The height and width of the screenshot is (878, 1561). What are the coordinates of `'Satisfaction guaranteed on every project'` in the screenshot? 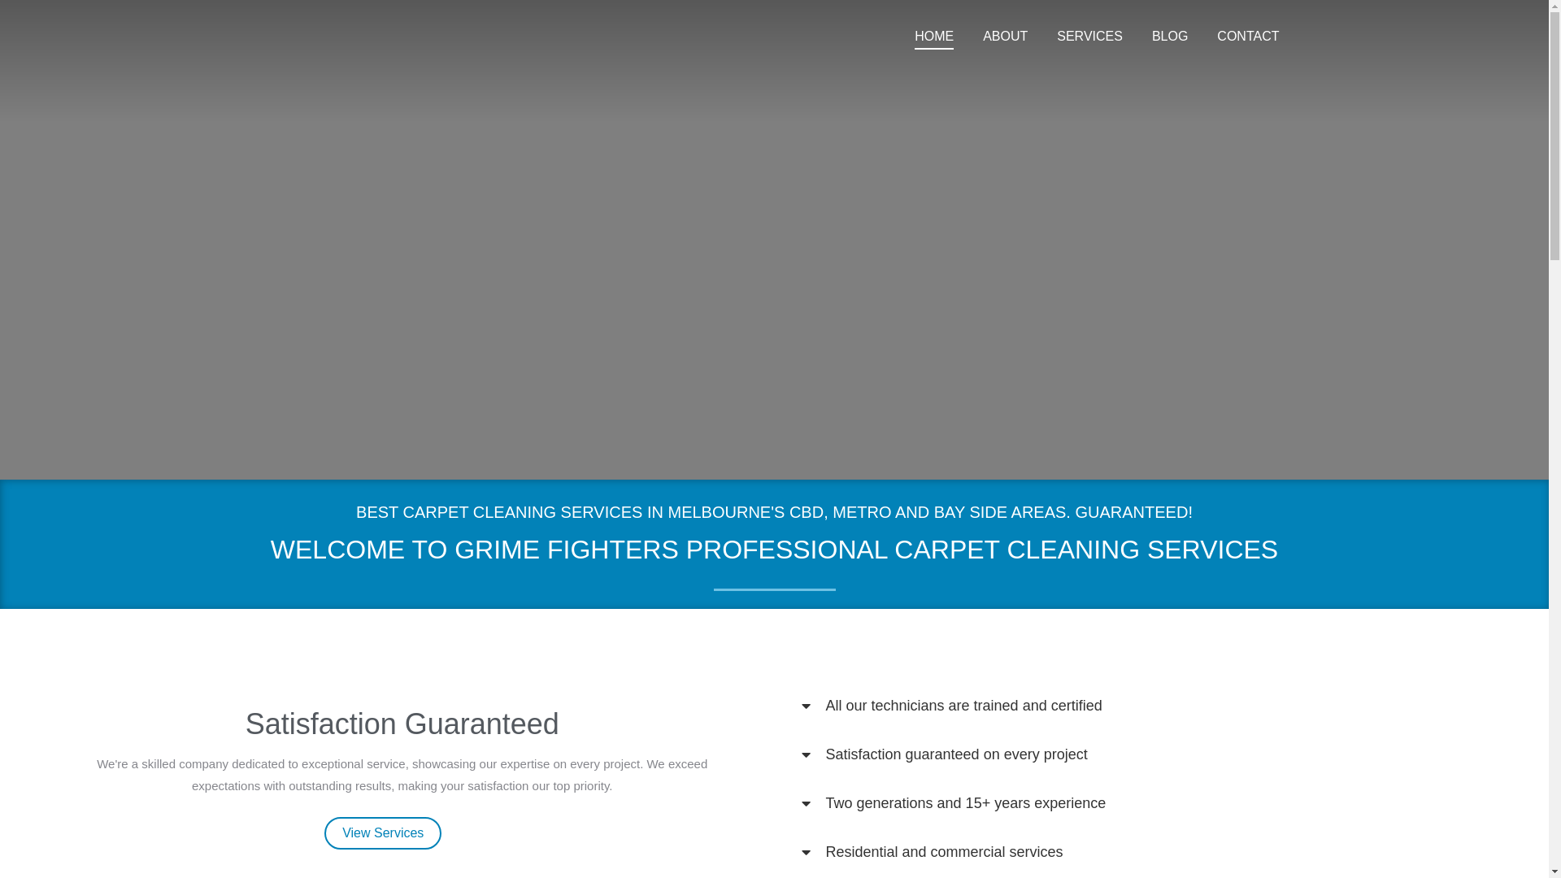 It's located at (956, 754).